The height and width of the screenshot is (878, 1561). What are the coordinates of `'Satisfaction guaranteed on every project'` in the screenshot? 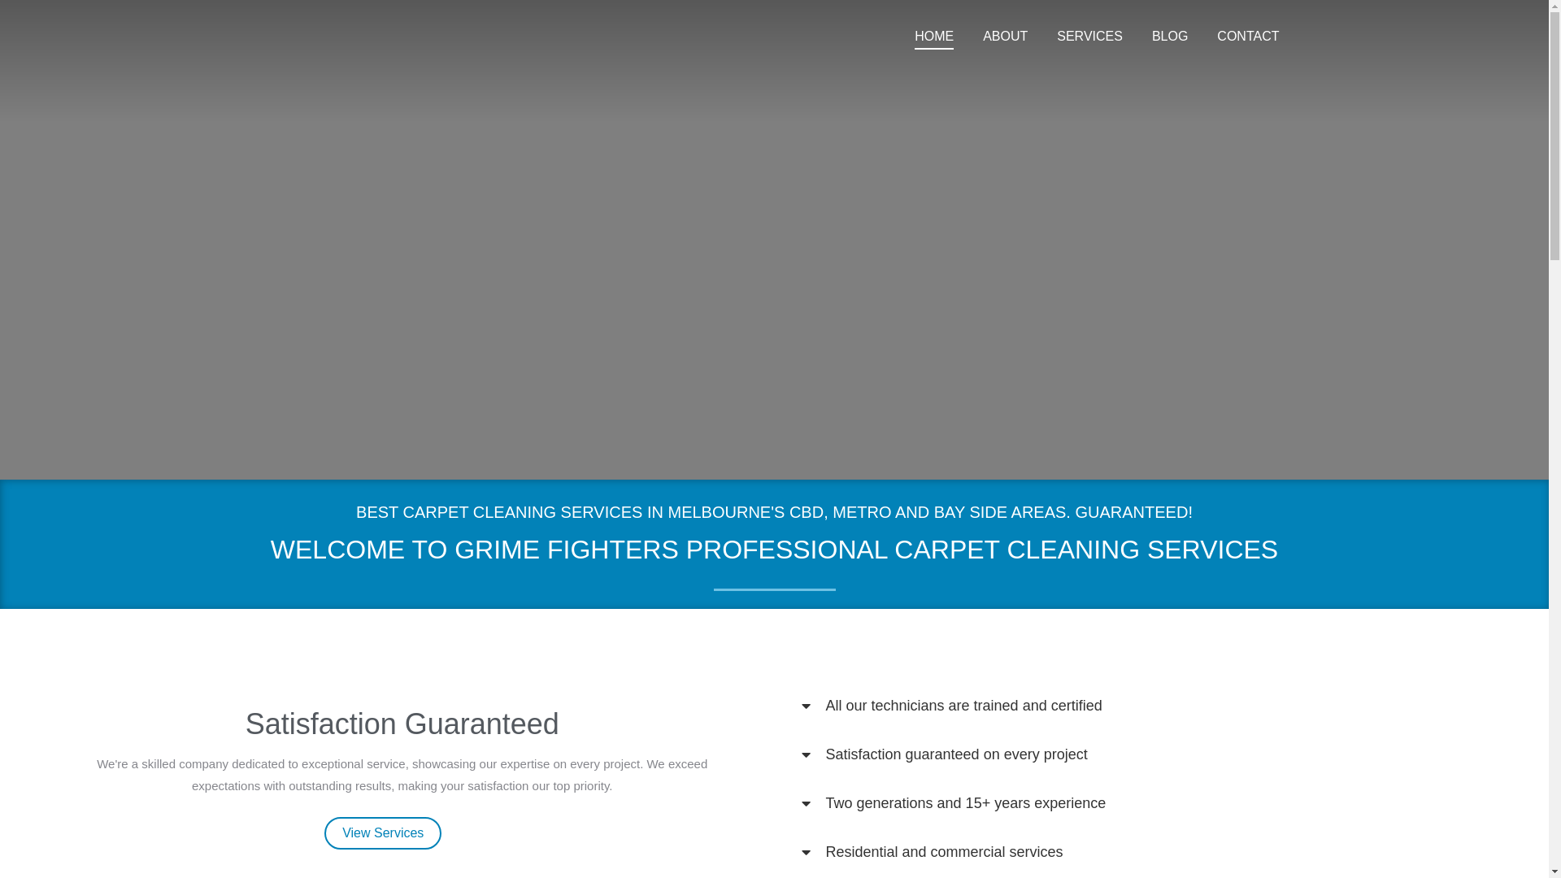 It's located at (956, 754).